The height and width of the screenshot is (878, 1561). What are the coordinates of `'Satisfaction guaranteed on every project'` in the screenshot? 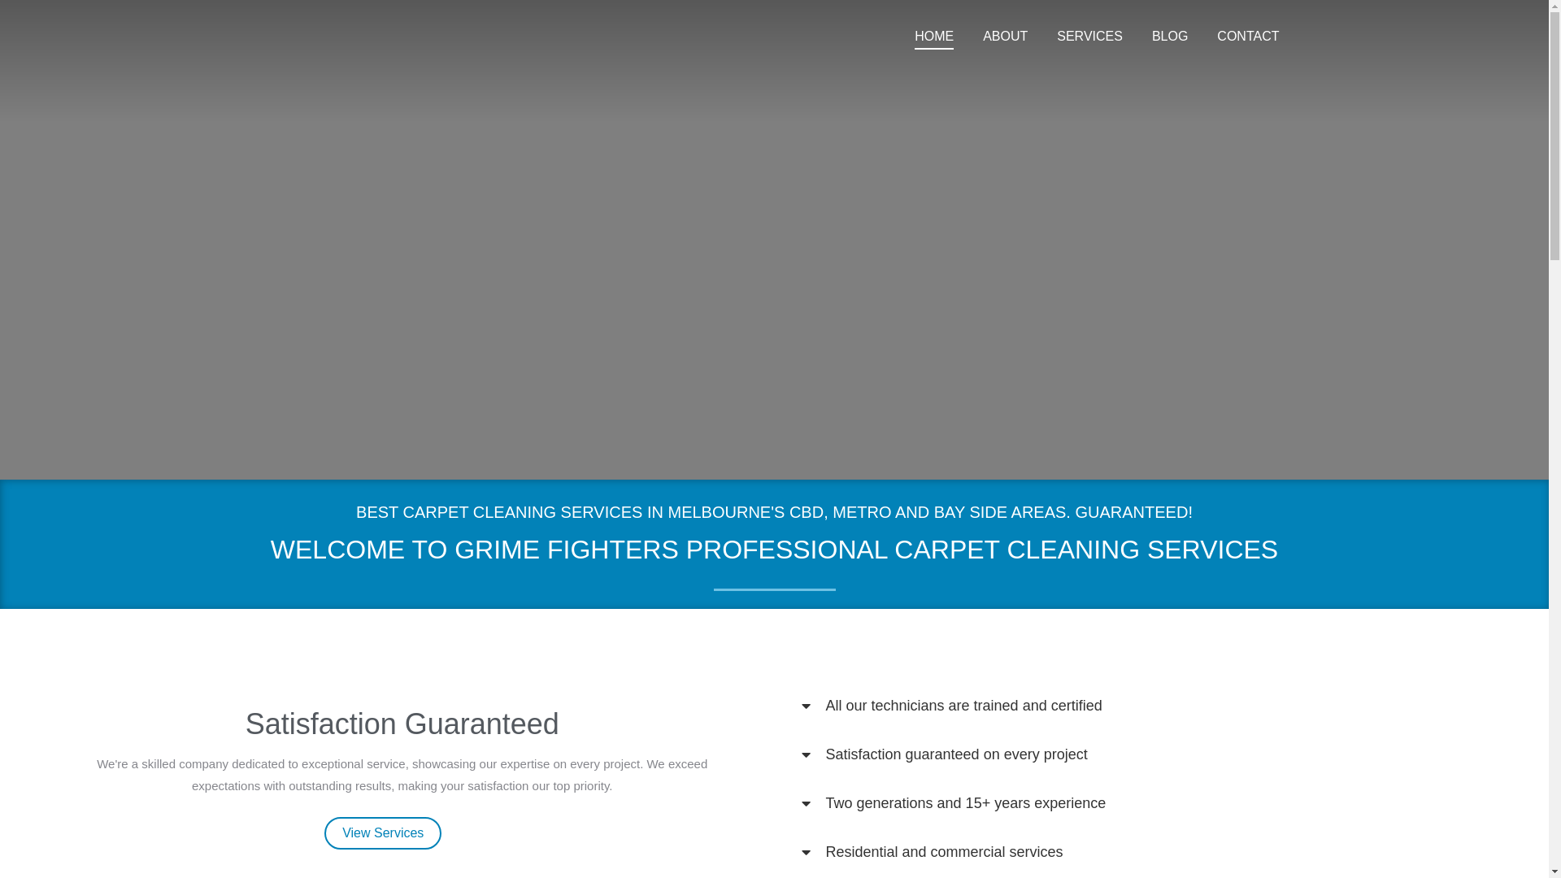 It's located at (956, 754).